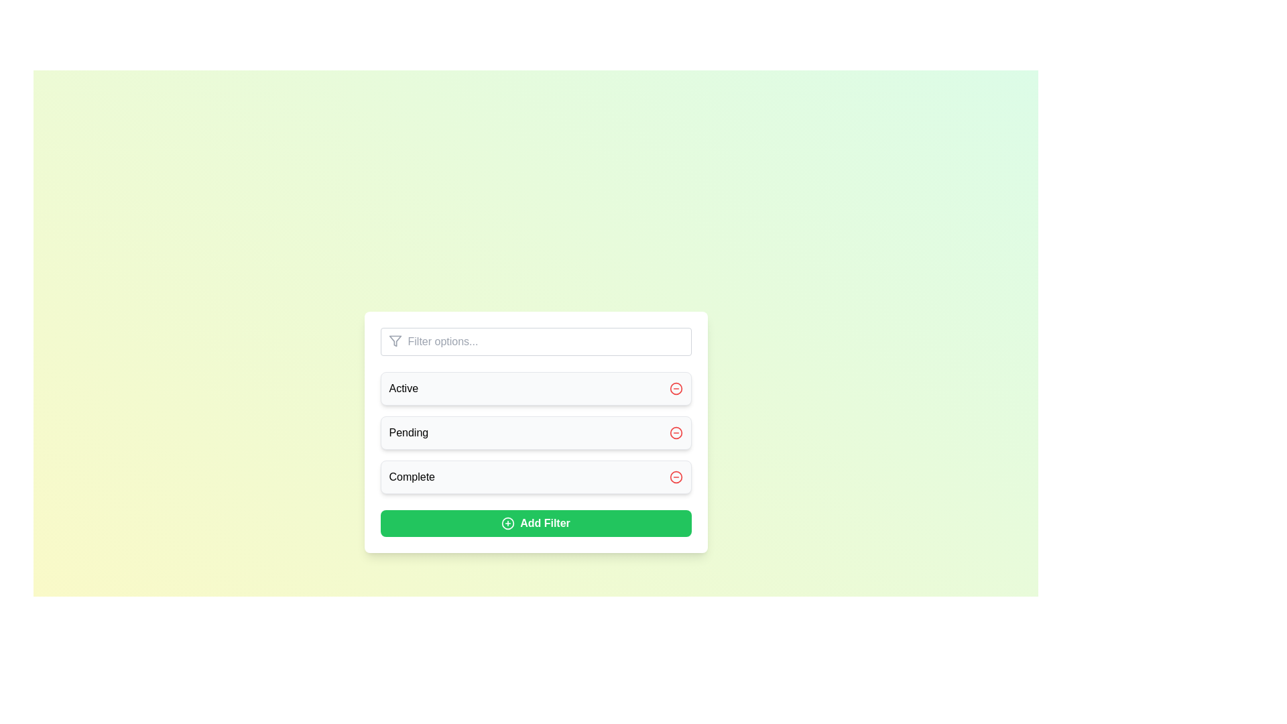 The width and height of the screenshot is (1287, 724). I want to click on the graphical icon for the 'Complete' filter located at the far-right side of its row, so click(676, 477).